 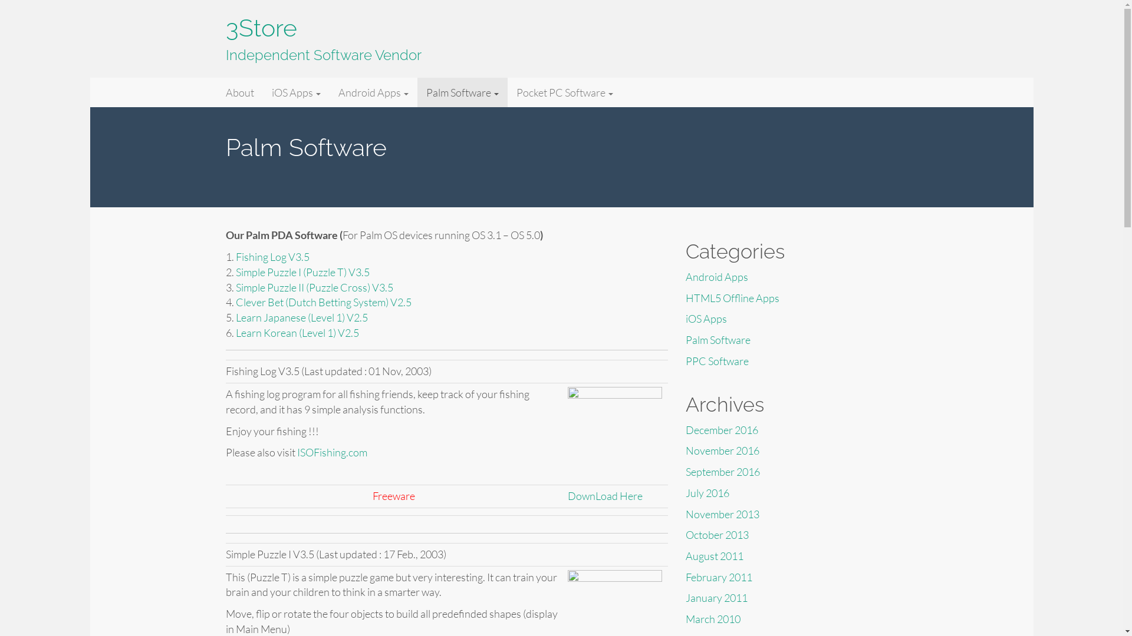 What do you see at coordinates (718, 576) in the screenshot?
I see `'February 2011'` at bounding box center [718, 576].